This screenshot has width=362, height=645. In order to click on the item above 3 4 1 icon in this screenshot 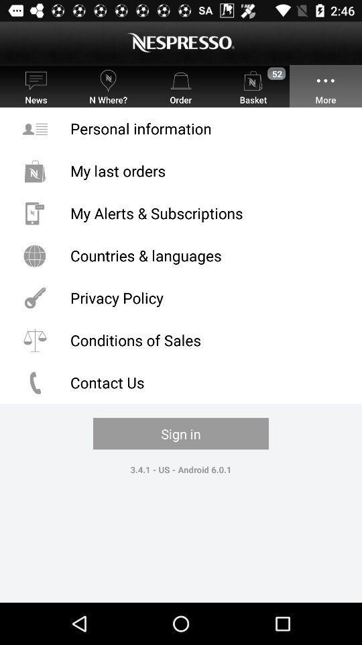, I will do `click(181, 433)`.